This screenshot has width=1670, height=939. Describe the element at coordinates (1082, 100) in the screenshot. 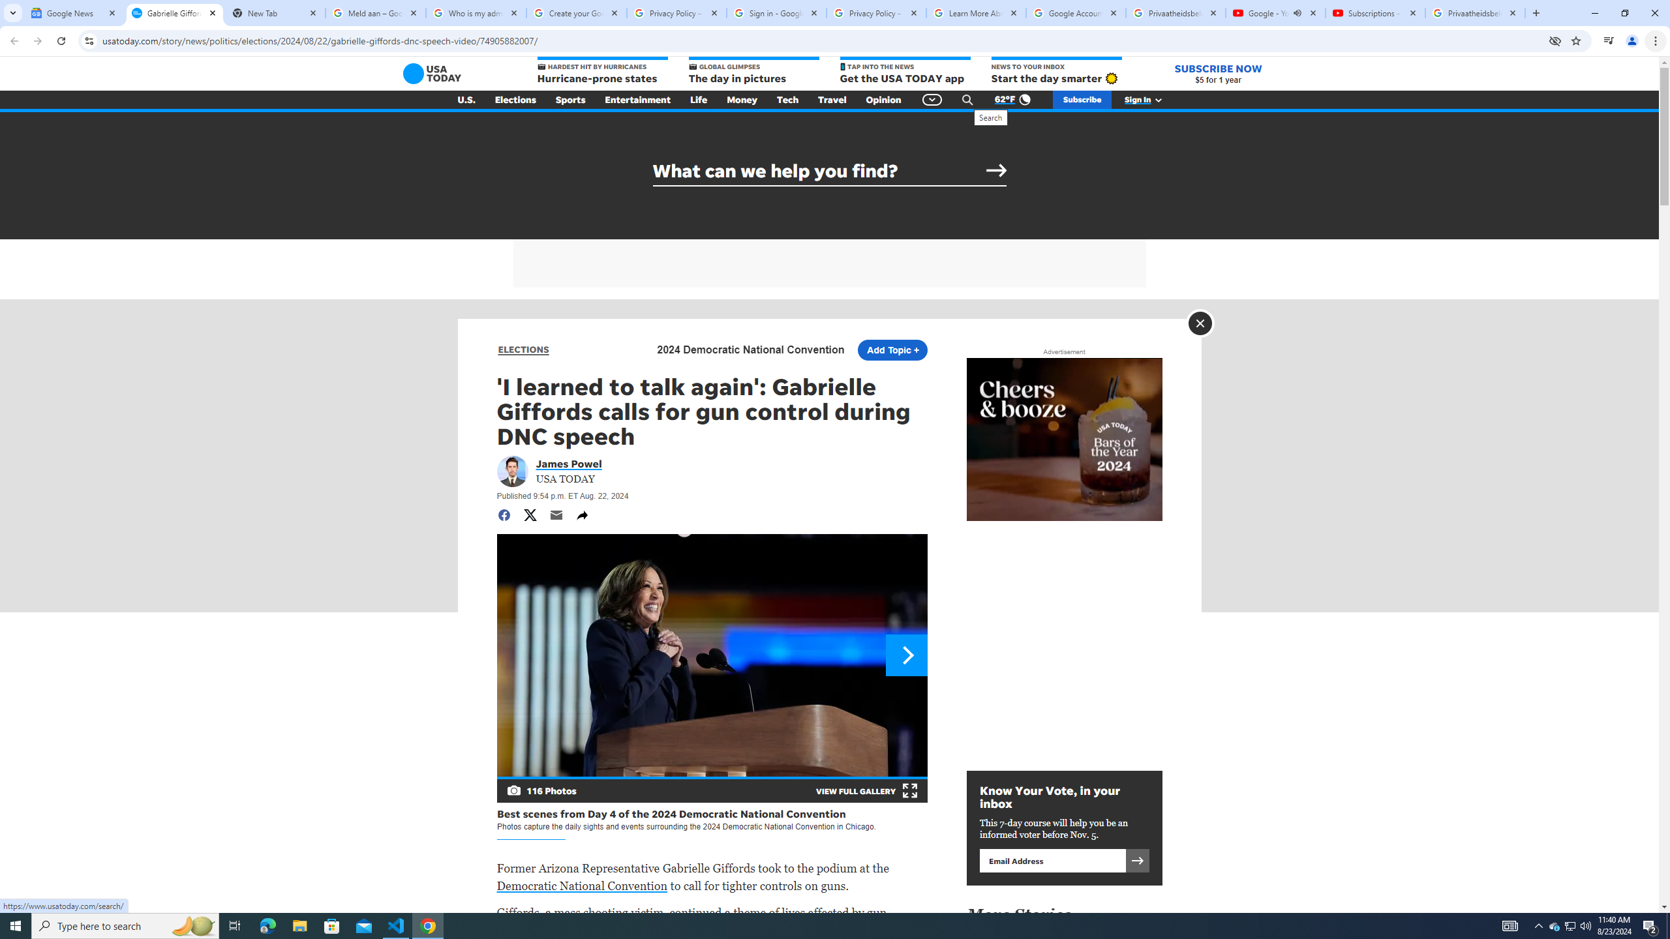

I see `'Subscribe'` at that location.